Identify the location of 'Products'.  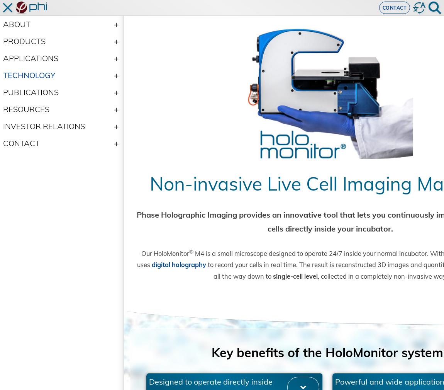
(24, 41).